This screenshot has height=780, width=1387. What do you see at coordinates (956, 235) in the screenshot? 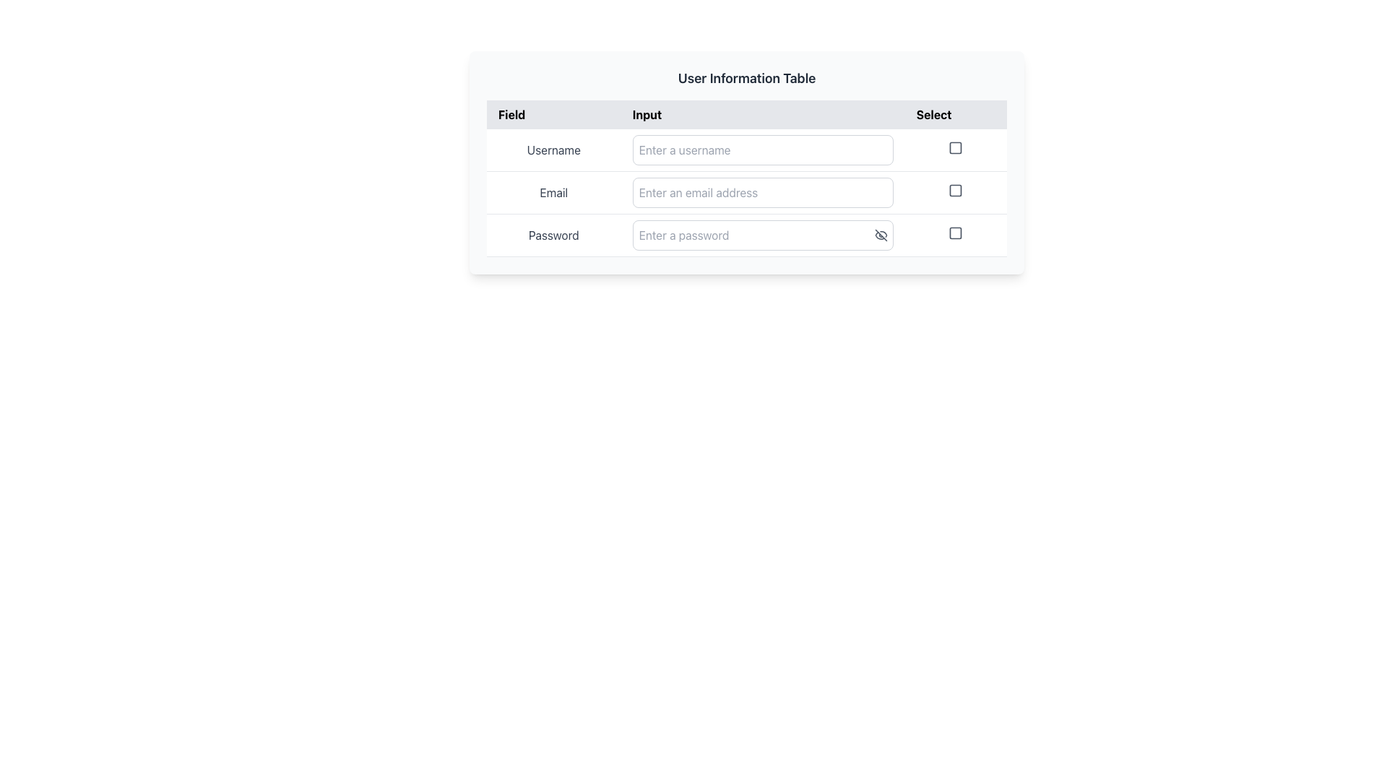
I see `the button located on the far-right side of the row associated with the 'Password' field` at bounding box center [956, 235].